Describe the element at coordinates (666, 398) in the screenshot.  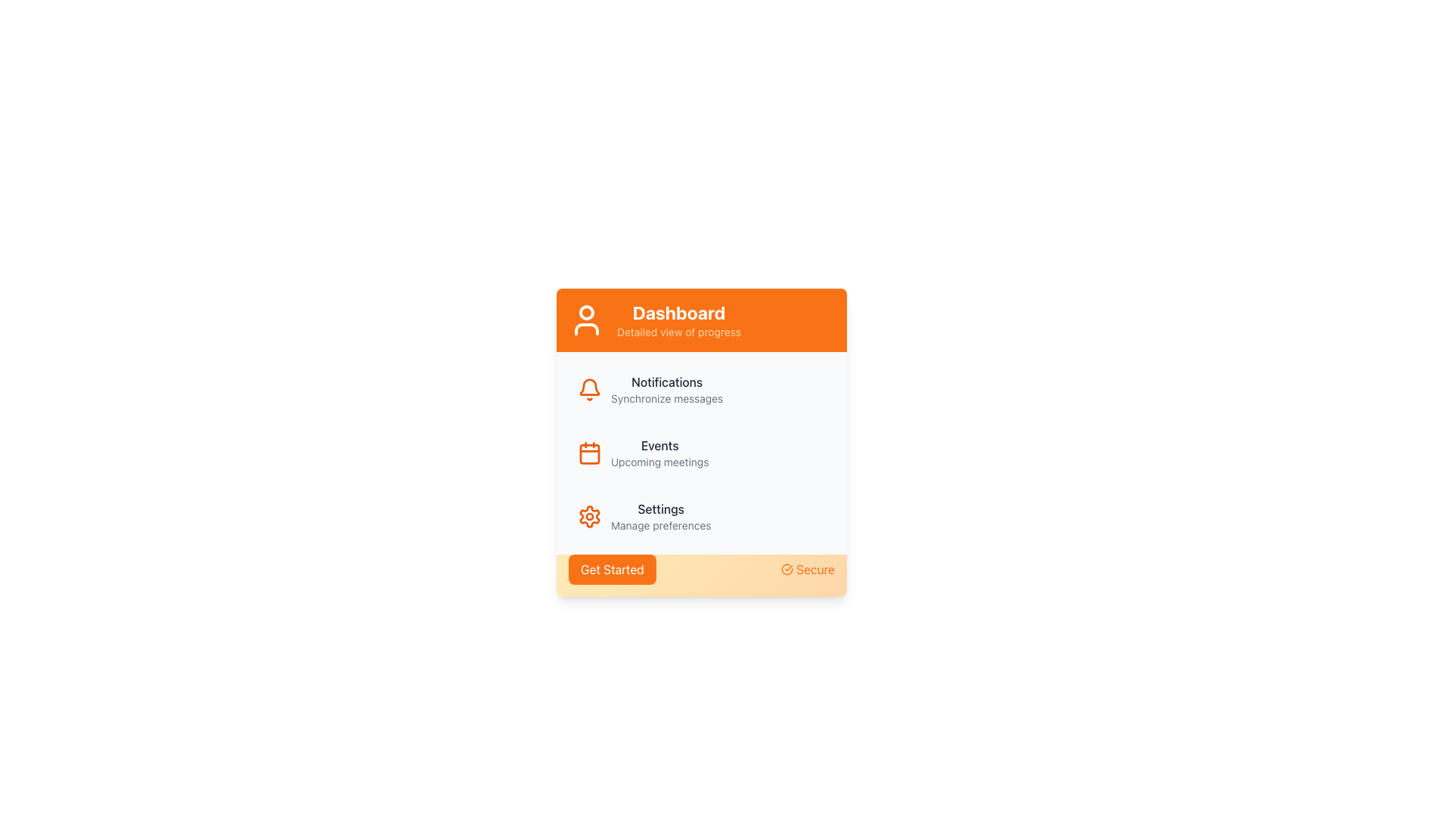
I see `text label that says 'Synchronize messages', which is styled in a smaller gray font and located beneath the 'Notifications' heading in the dashboard panel` at that location.